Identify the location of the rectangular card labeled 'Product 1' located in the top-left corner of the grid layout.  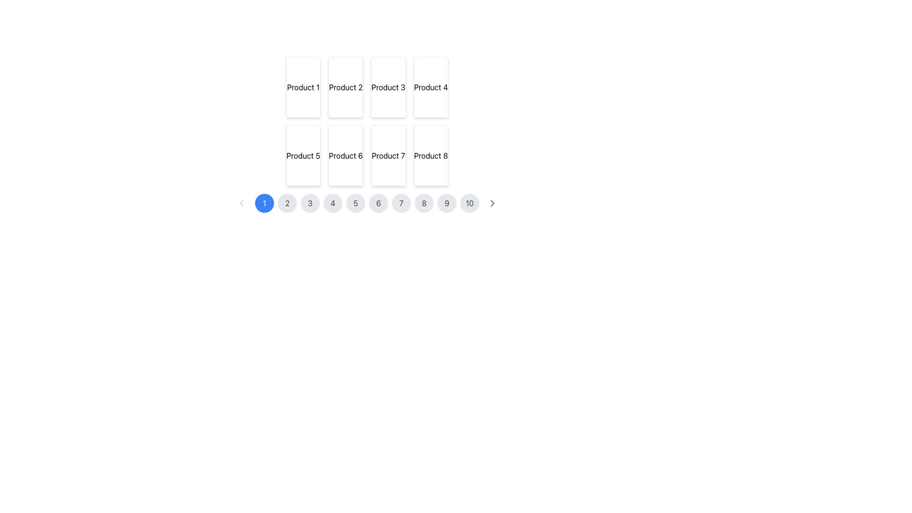
(303, 87).